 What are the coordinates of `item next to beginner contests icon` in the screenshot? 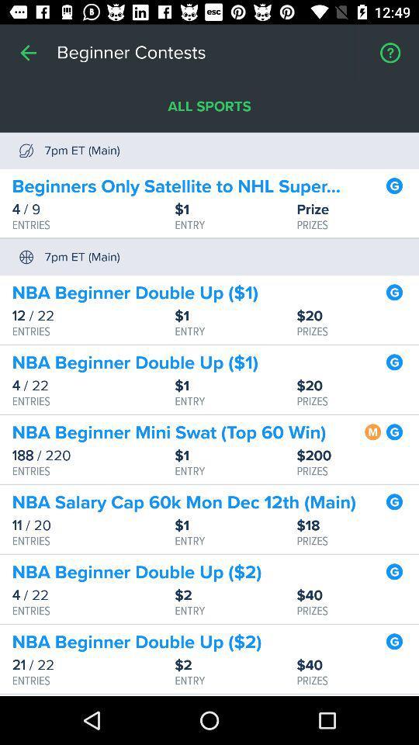 It's located at (28, 53).